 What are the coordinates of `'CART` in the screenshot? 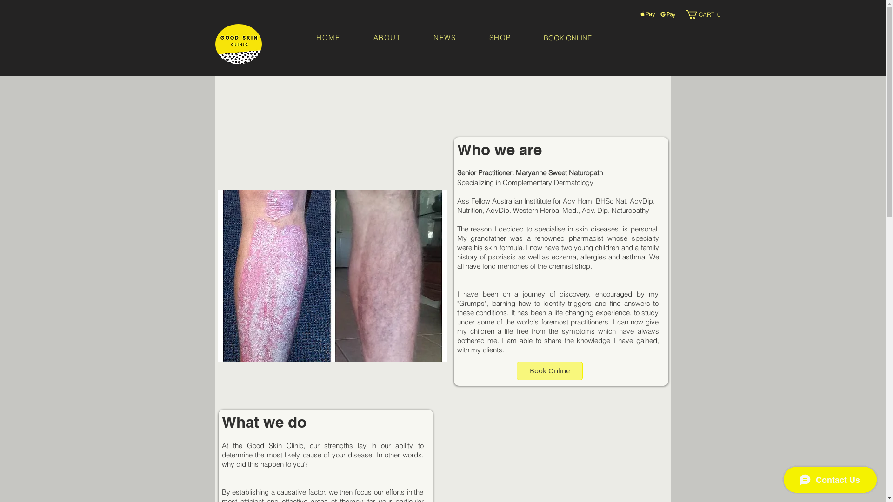 It's located at (705, 14).